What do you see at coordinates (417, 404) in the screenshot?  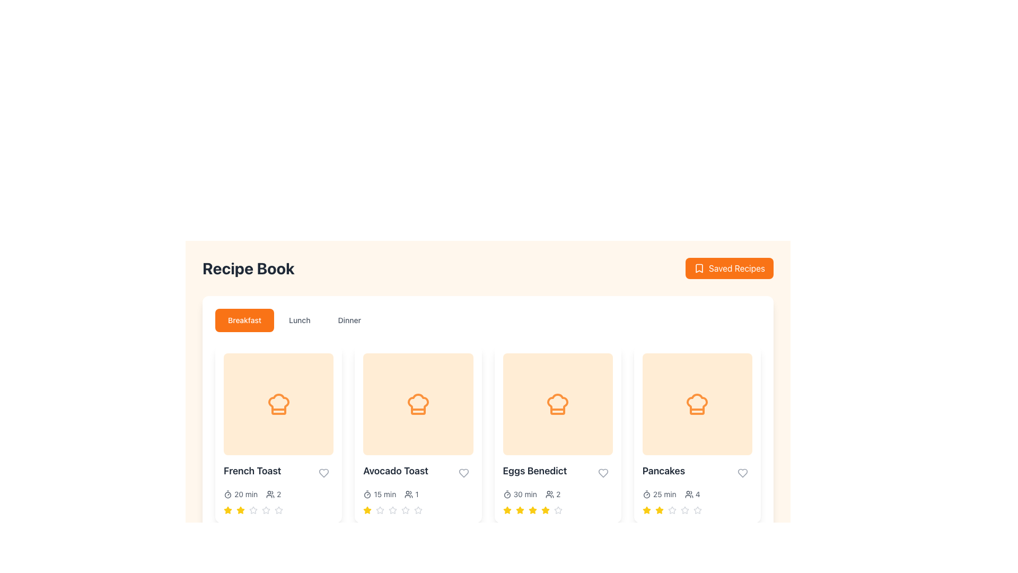 I see `the chef hat icon in the 'Avocado Toast' card under the 'Breakfast' tab to trigger hover effects` at bounding box center [417, 404].